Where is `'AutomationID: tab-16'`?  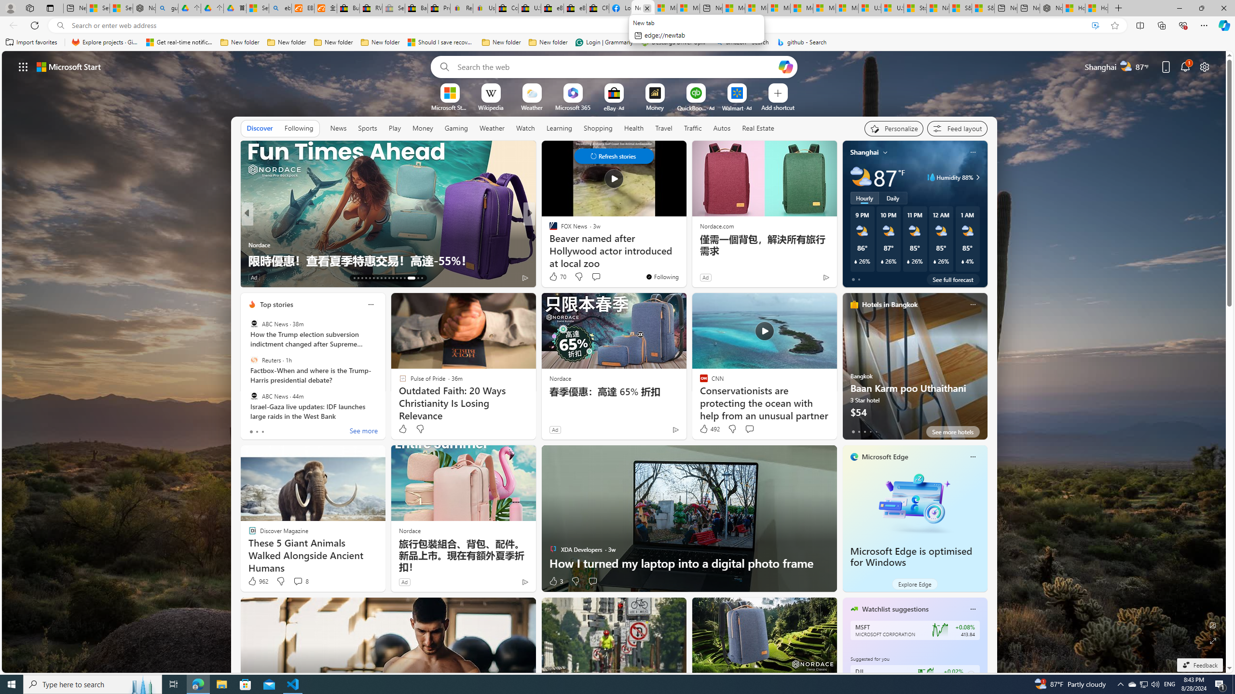 'AutomationID: tab-16' is located at coordinates (366, 278).